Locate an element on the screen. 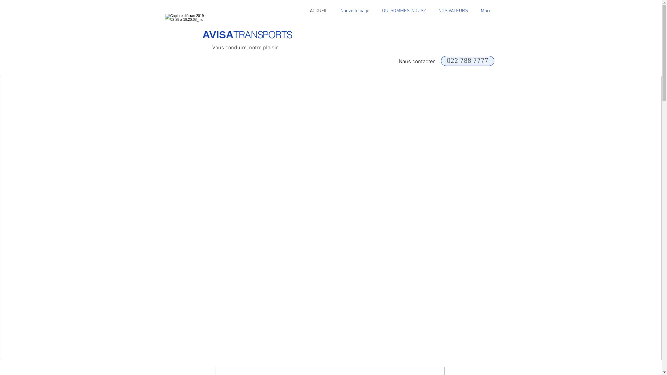  '022 788 7777' is located at coordinates (467, 60).